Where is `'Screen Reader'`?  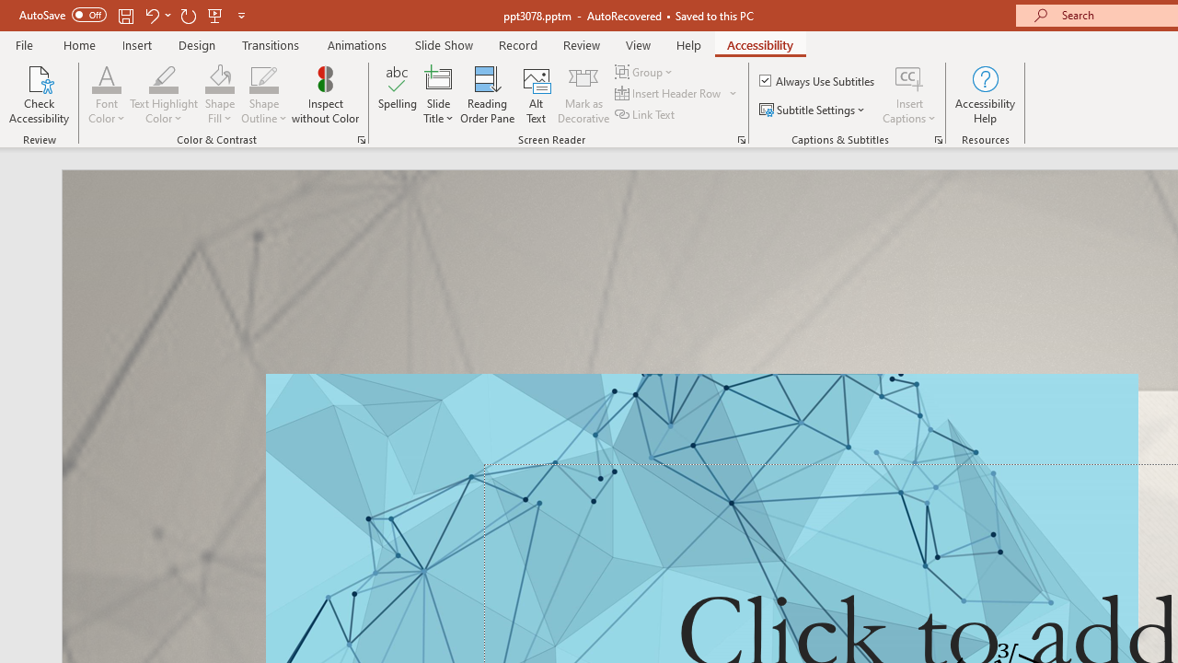 'Screen Reader' is located at coordinates (741, 138).